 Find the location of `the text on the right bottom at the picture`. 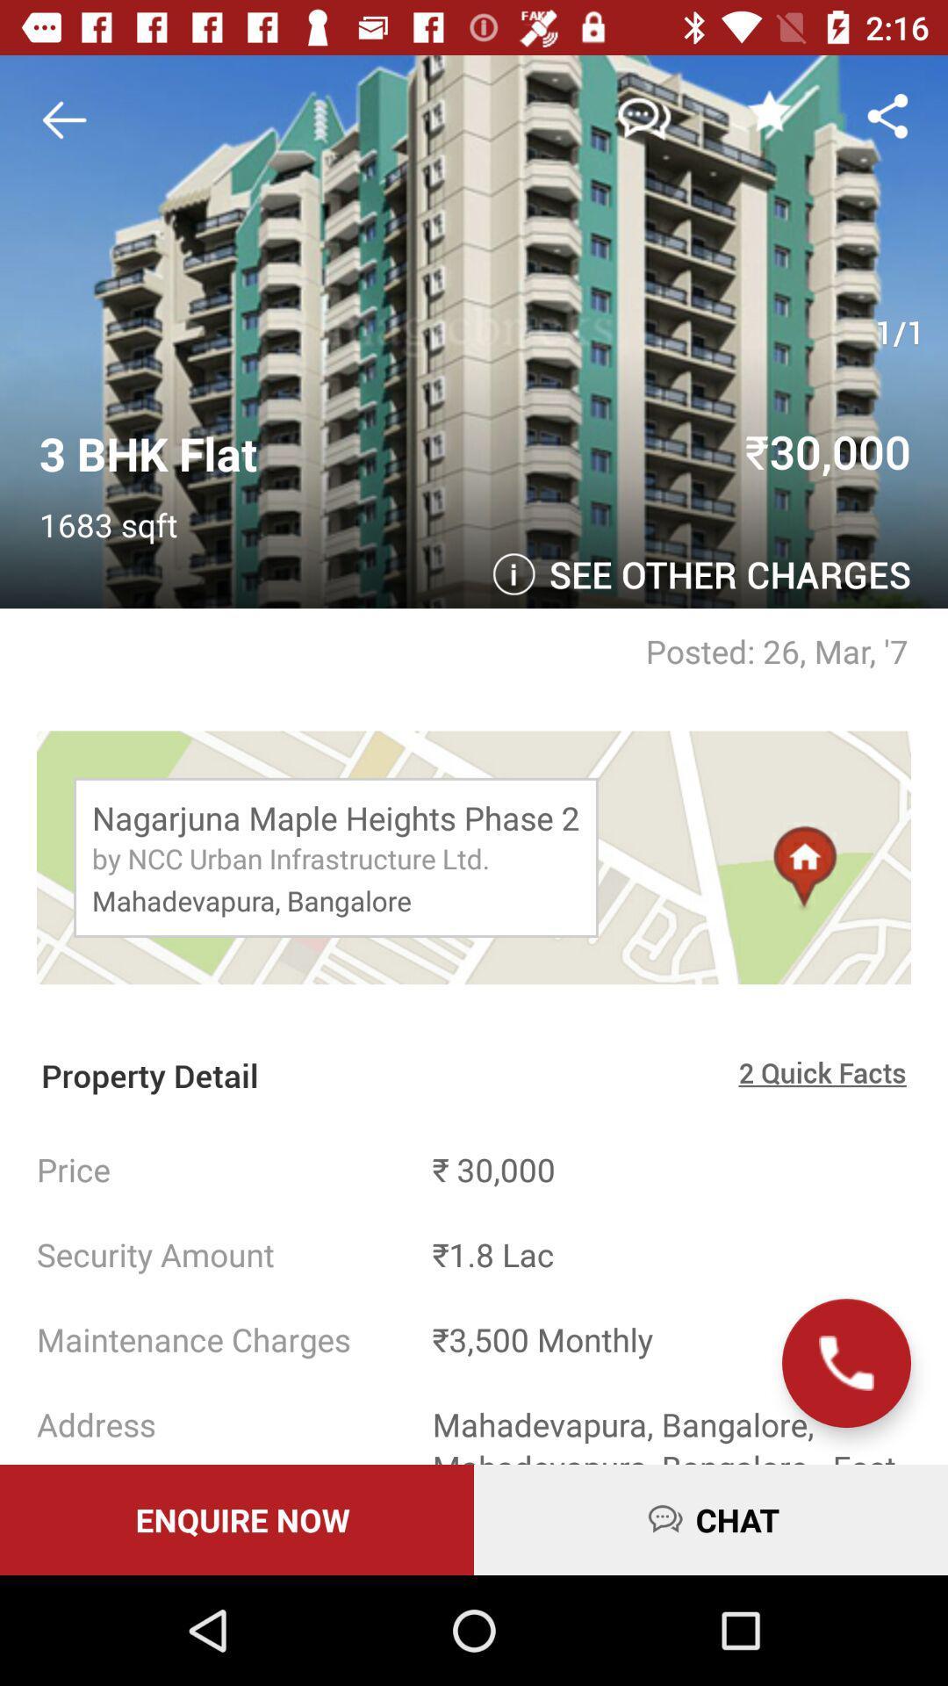

the text on the right bottom at the picture is located at coordinates (720, 579).